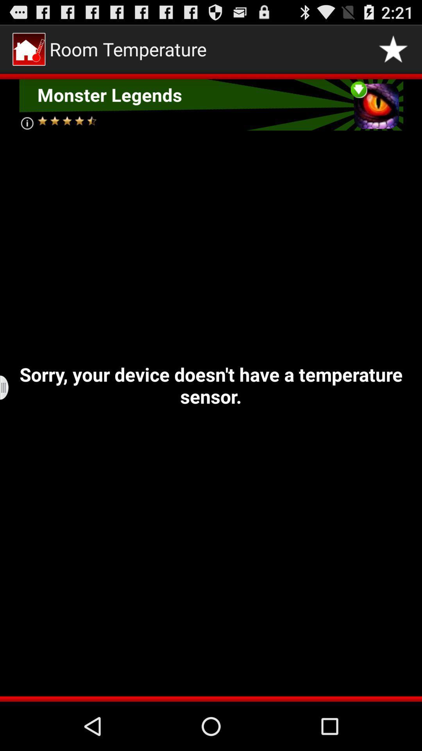 This screenshot has height=751, width=422. Describe the element at coordinates (9, 414) in the screenshot. I see `the menu icon` at that location.